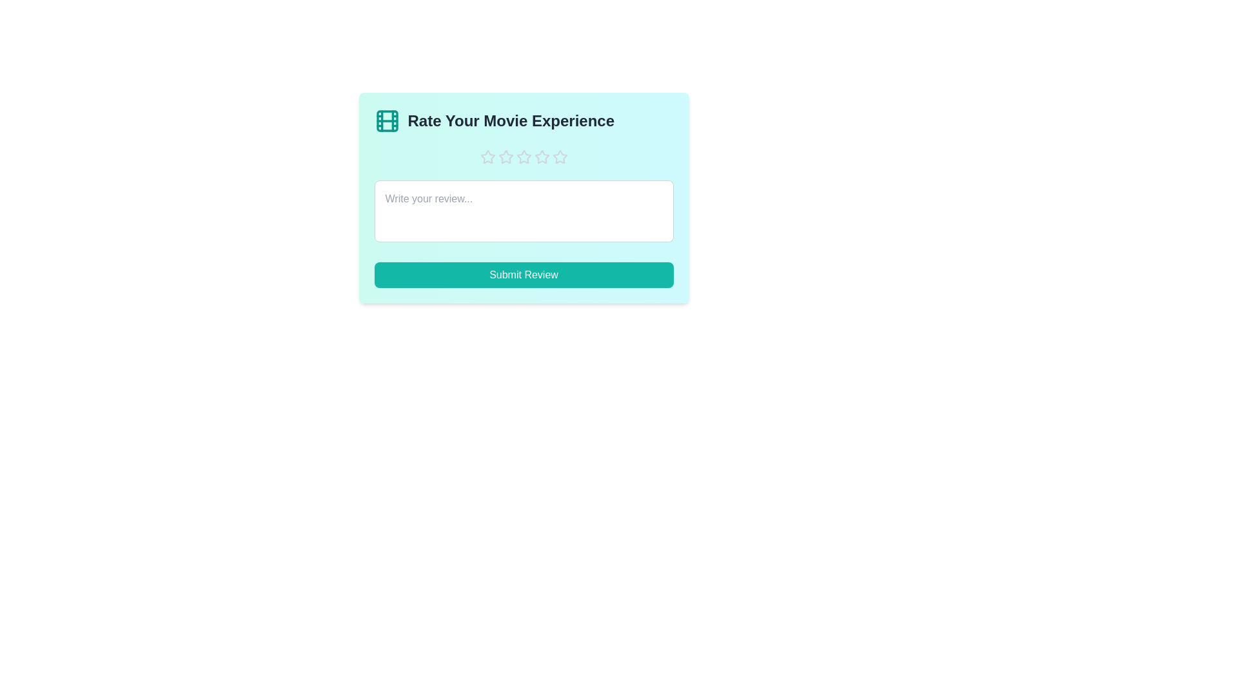 Image resolution: width=1238 pixels, height=696 pixels. What do you see at coordinates (524, 275) in the screenshot?
I see `the 'Submit Review' button to submit the review` at bounding box center [524, 275].